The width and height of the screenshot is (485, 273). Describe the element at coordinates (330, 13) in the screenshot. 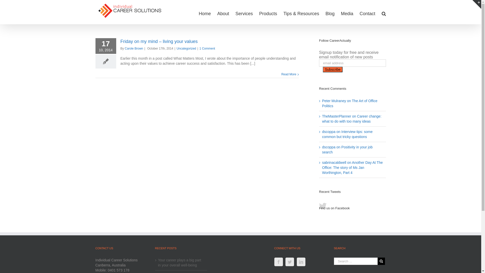

I see `'Blog'` at that location.